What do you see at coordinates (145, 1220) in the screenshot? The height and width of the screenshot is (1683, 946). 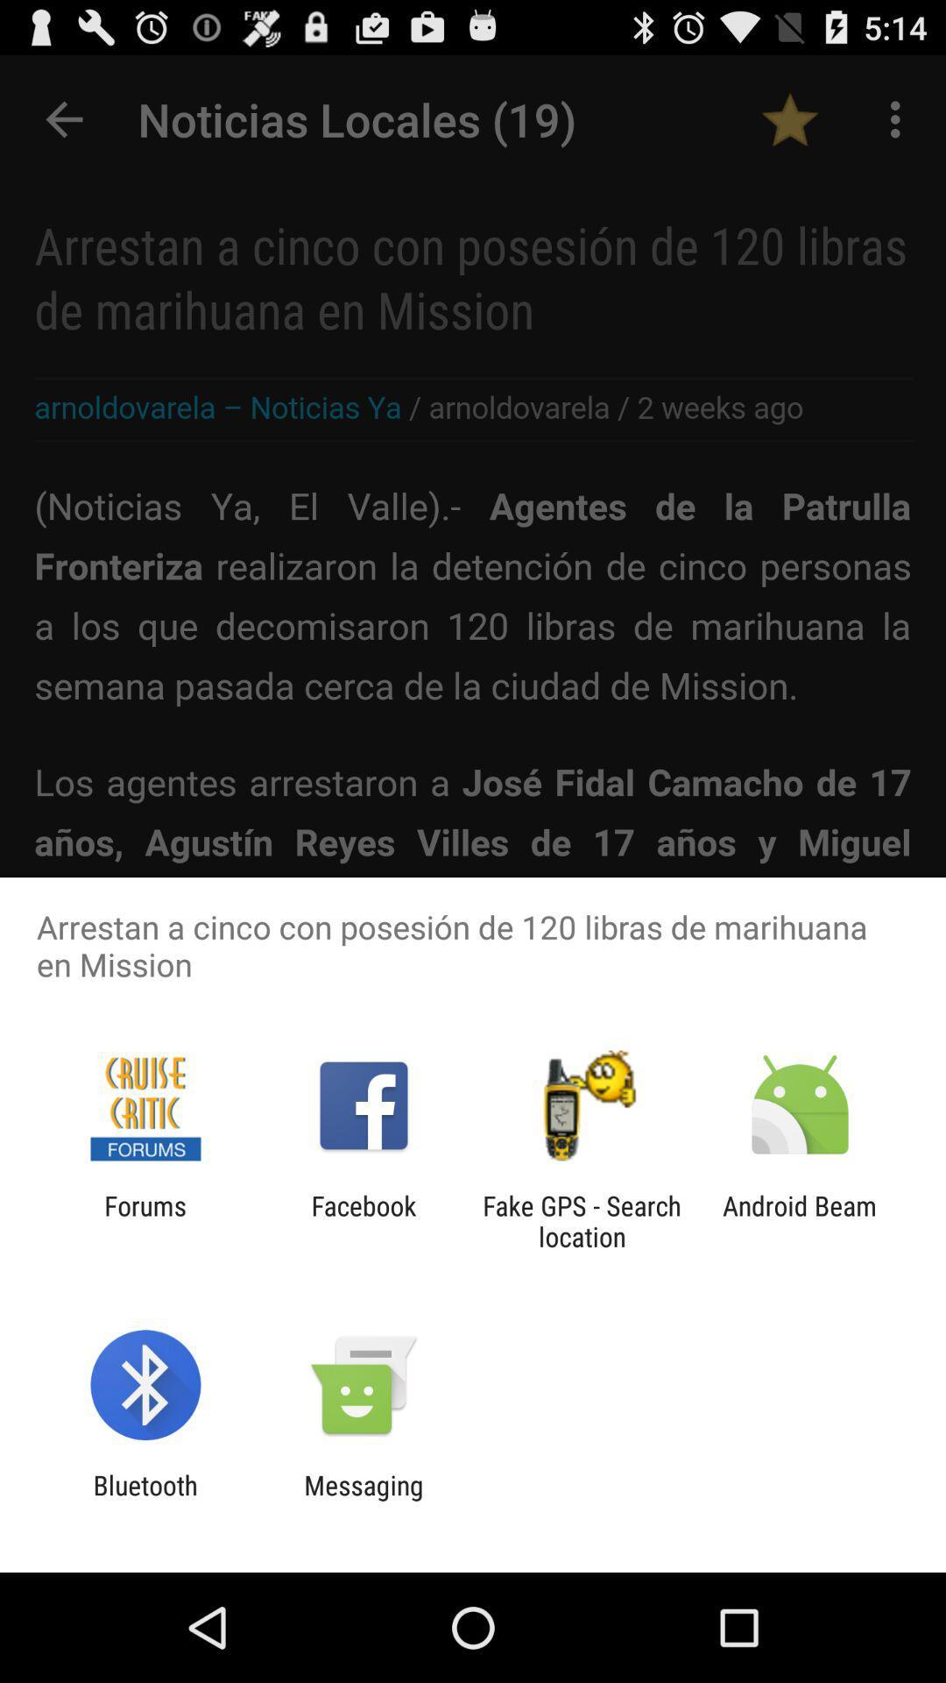 I see `the forums item` at bounding box center [145, 1220].